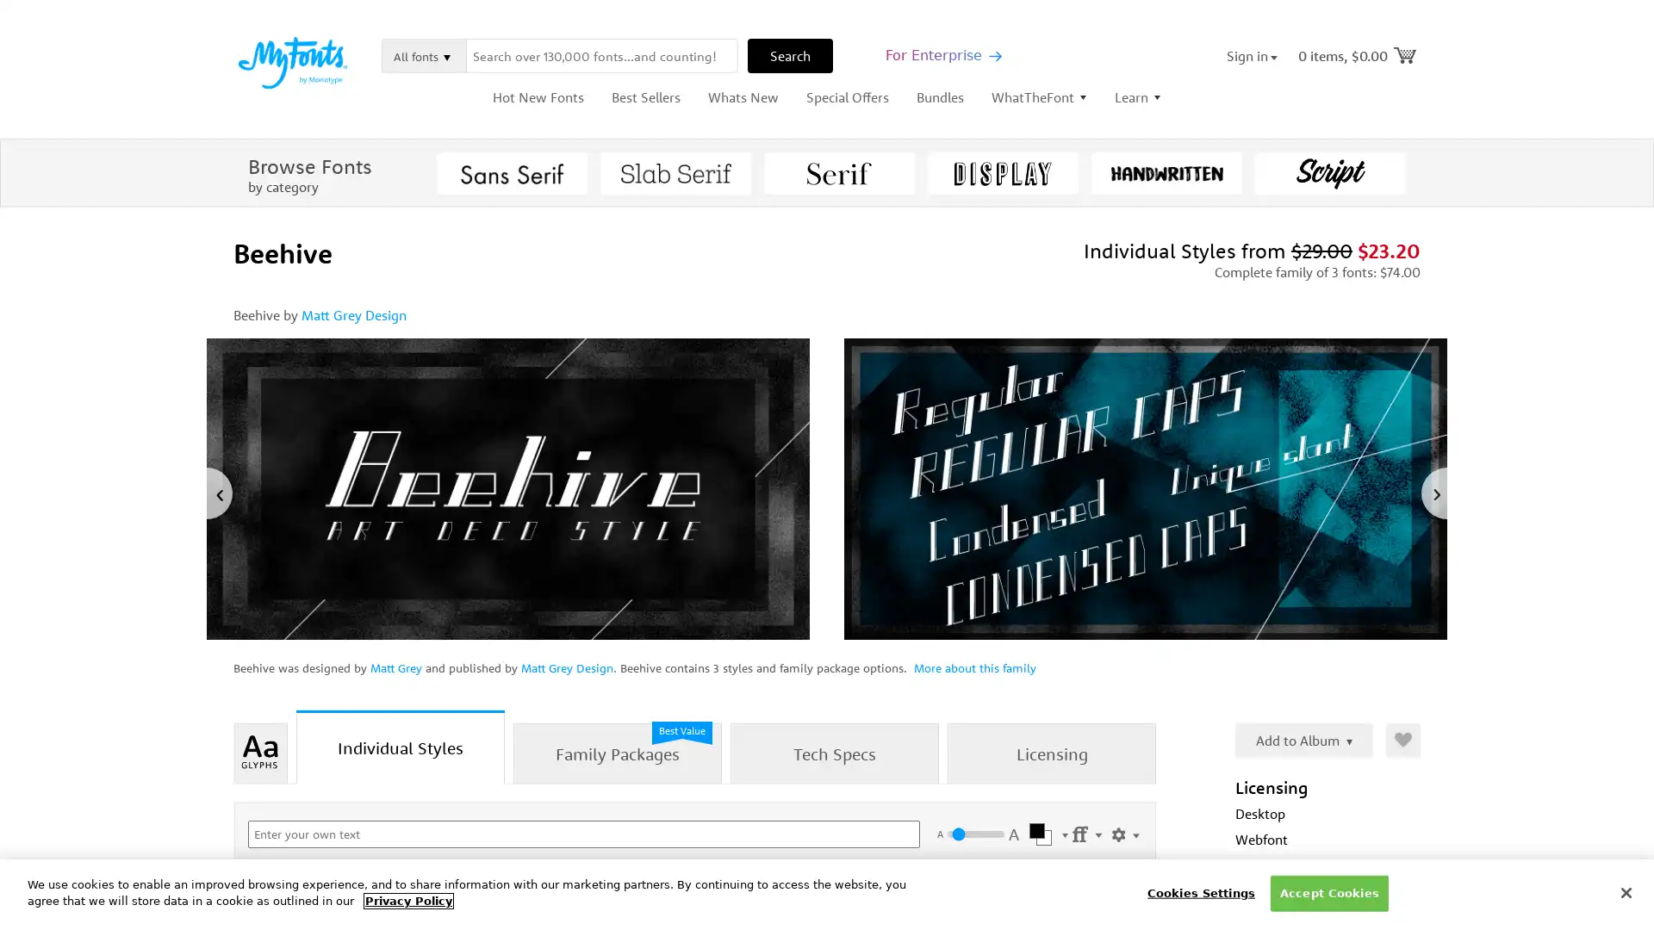 This screenshot has width=1654, height=930. I want to click on WhatTheFont, so click(1038, 96).